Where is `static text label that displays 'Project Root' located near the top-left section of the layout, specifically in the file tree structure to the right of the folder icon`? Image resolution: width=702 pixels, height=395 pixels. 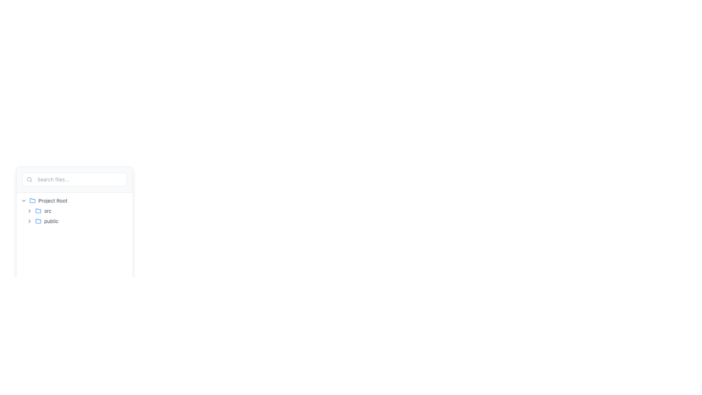 static text label that displays 'Project Root' located near the top-left section of the layout, specifically in the file tree structure to the right of the folder icon is located at coordinates (52, 200).